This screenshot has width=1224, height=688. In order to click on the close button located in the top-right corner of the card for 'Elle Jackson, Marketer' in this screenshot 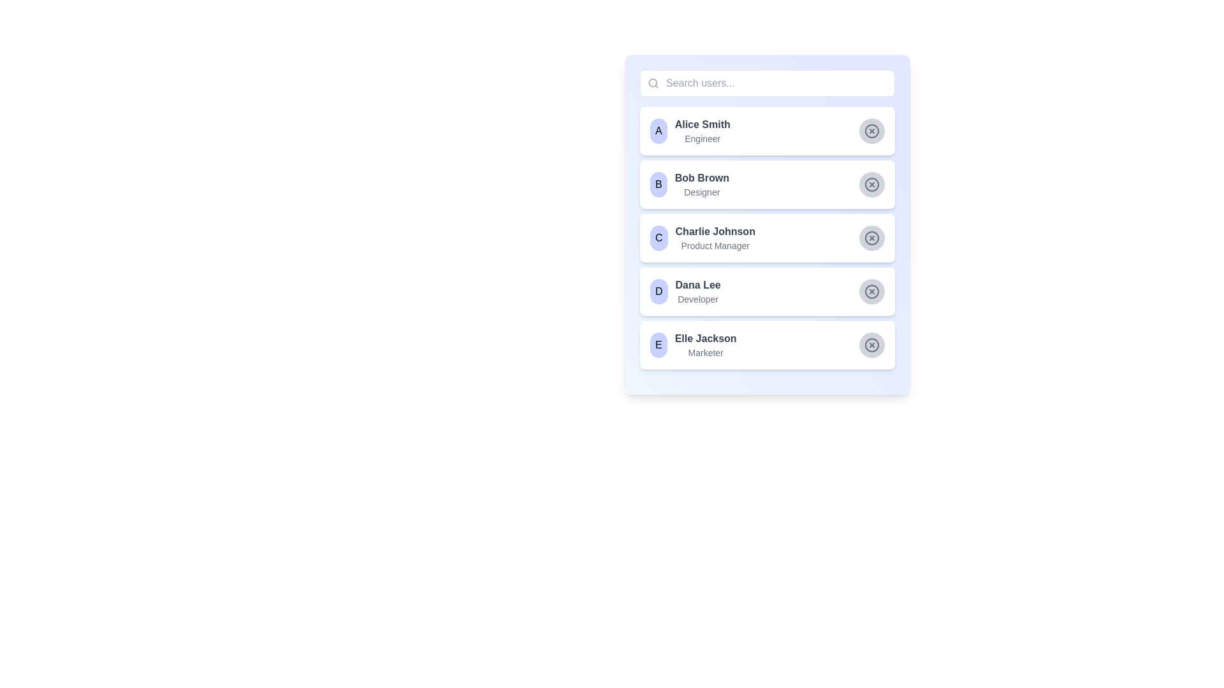, I will do `click(871, 345)`.